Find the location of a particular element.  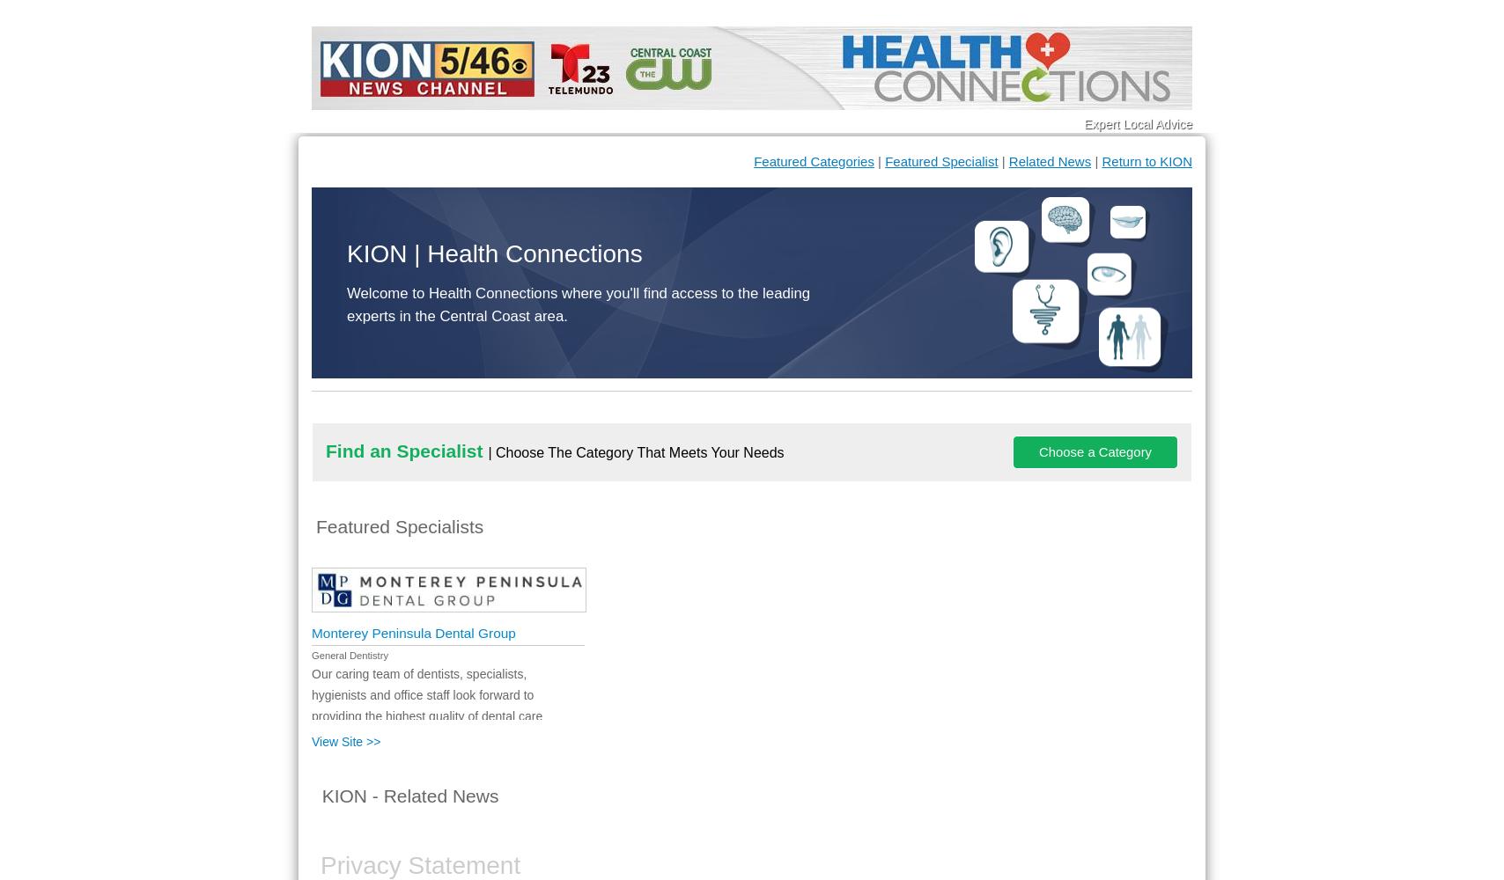

'General Dentistry' is located at coordinates (350, 655).